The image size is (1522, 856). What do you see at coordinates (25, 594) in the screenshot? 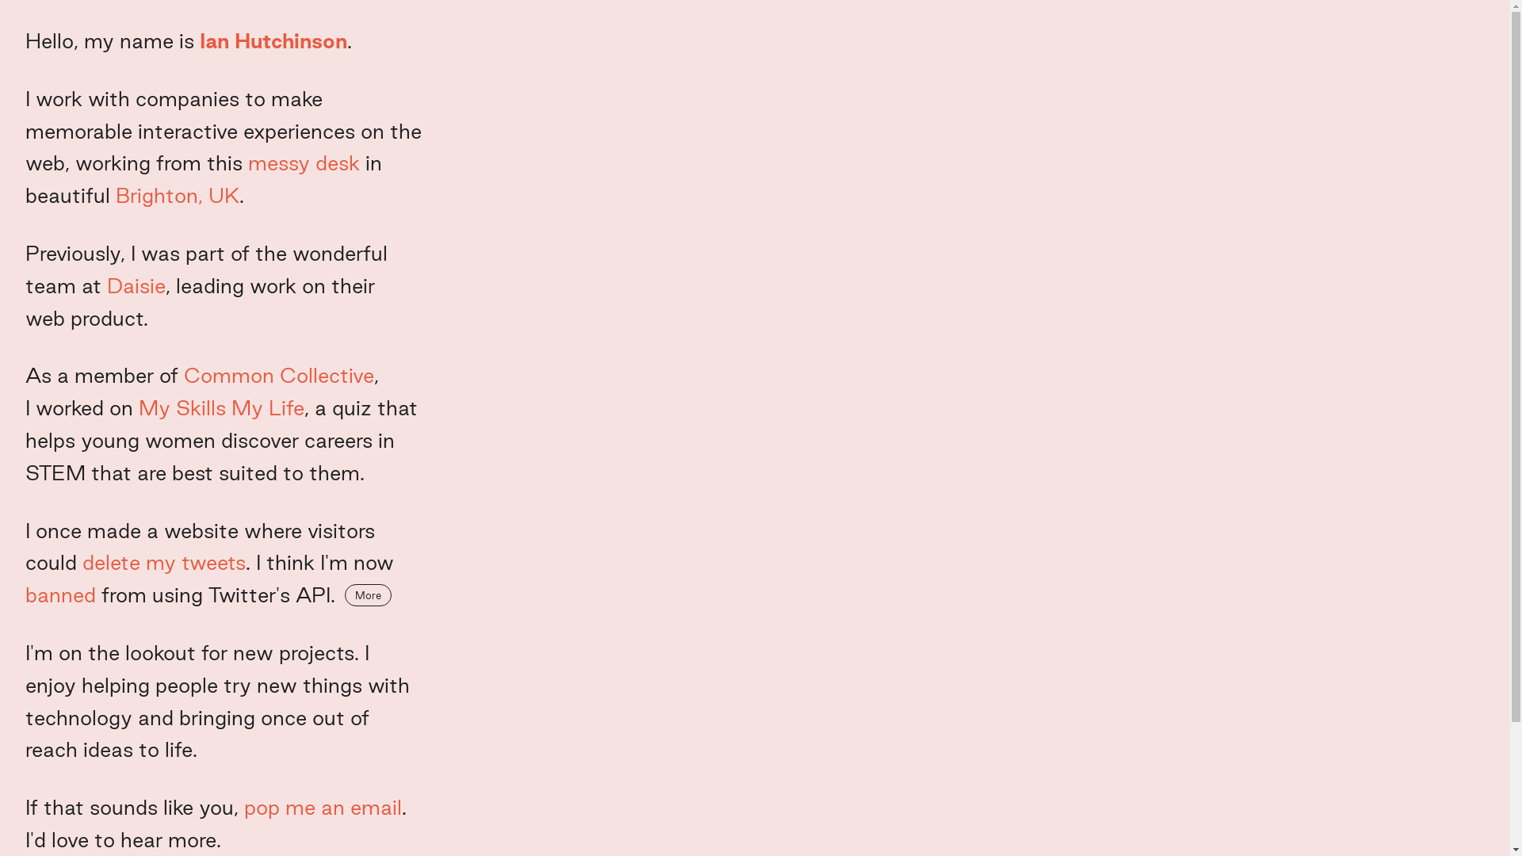
I see `'banned'` at bounding box center [25, 594].